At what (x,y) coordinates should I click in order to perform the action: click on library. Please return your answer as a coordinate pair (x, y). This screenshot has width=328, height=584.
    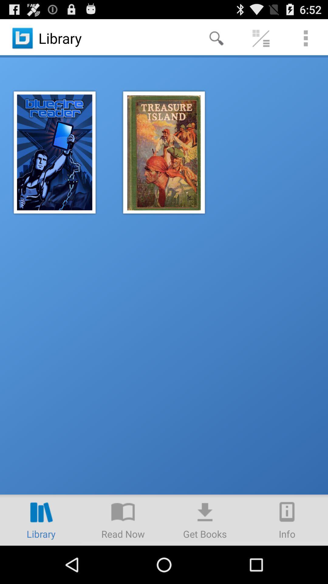
    Looking at the image, I should click on (41, 520).